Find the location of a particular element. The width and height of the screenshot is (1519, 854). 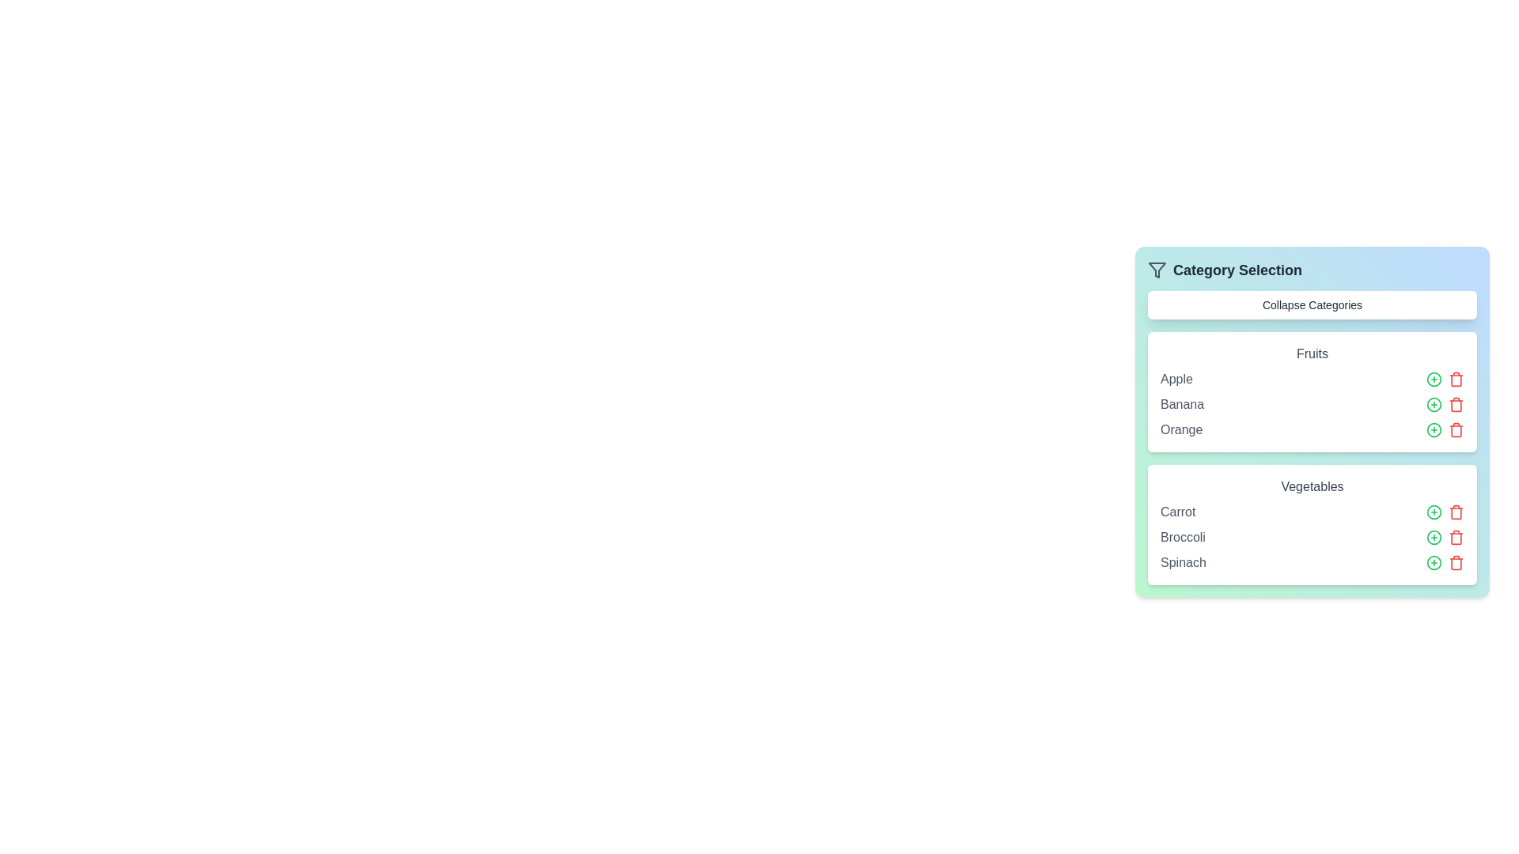

the trash icon next to the item Orange to remove it from the list is located at coordinates (1456, 429).